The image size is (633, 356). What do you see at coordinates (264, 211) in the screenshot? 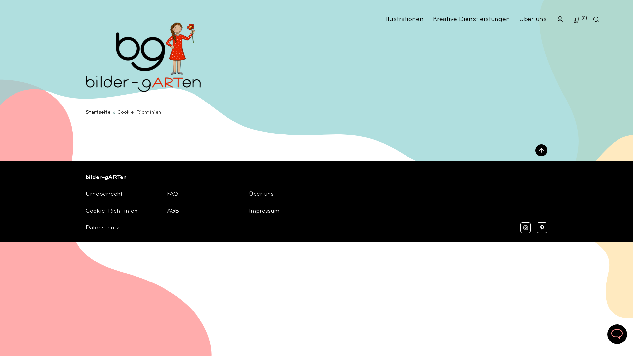
I see `'Impressum'` at bounding box center [264, 211].